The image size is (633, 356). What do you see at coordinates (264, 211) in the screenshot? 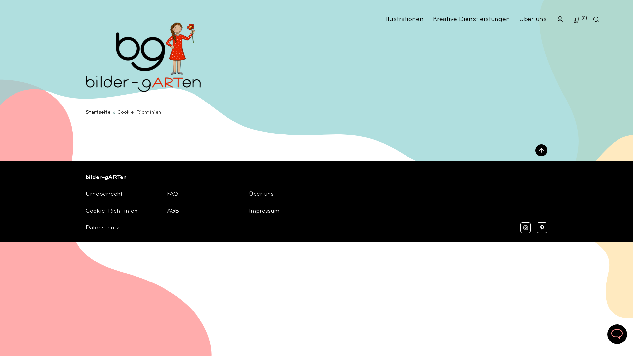
I see `'Impressum'` at bounding box center [264, 211].